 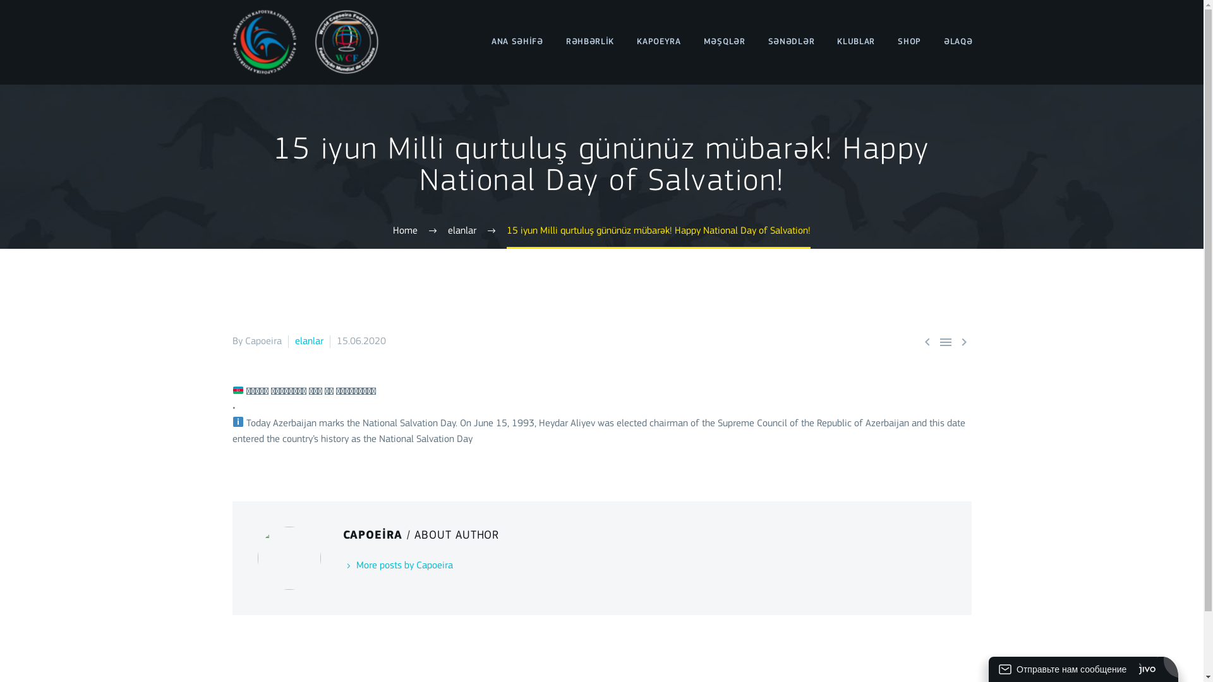 What do you see at coordinates (293, 341) in the screenshot?
I see `'elanlar'` at bounding box center [293, 341].